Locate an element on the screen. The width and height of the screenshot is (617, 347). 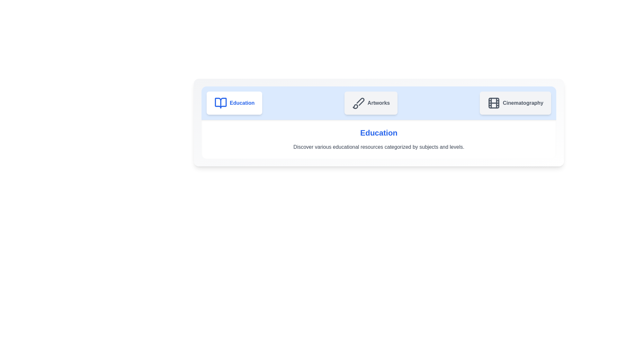
the Education tab to navigate to its content is located at coordinates (234, 102).